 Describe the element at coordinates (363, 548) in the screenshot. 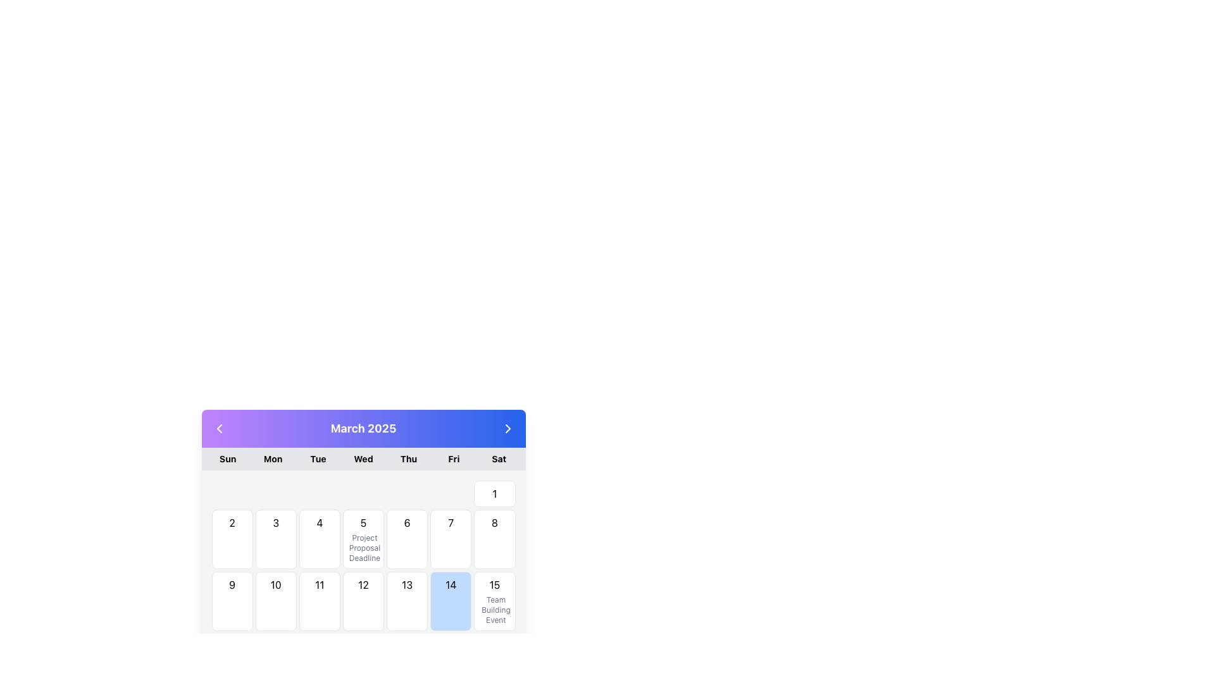

I see `the Label that describes the event for March 5th in the calendar grid` at that location.